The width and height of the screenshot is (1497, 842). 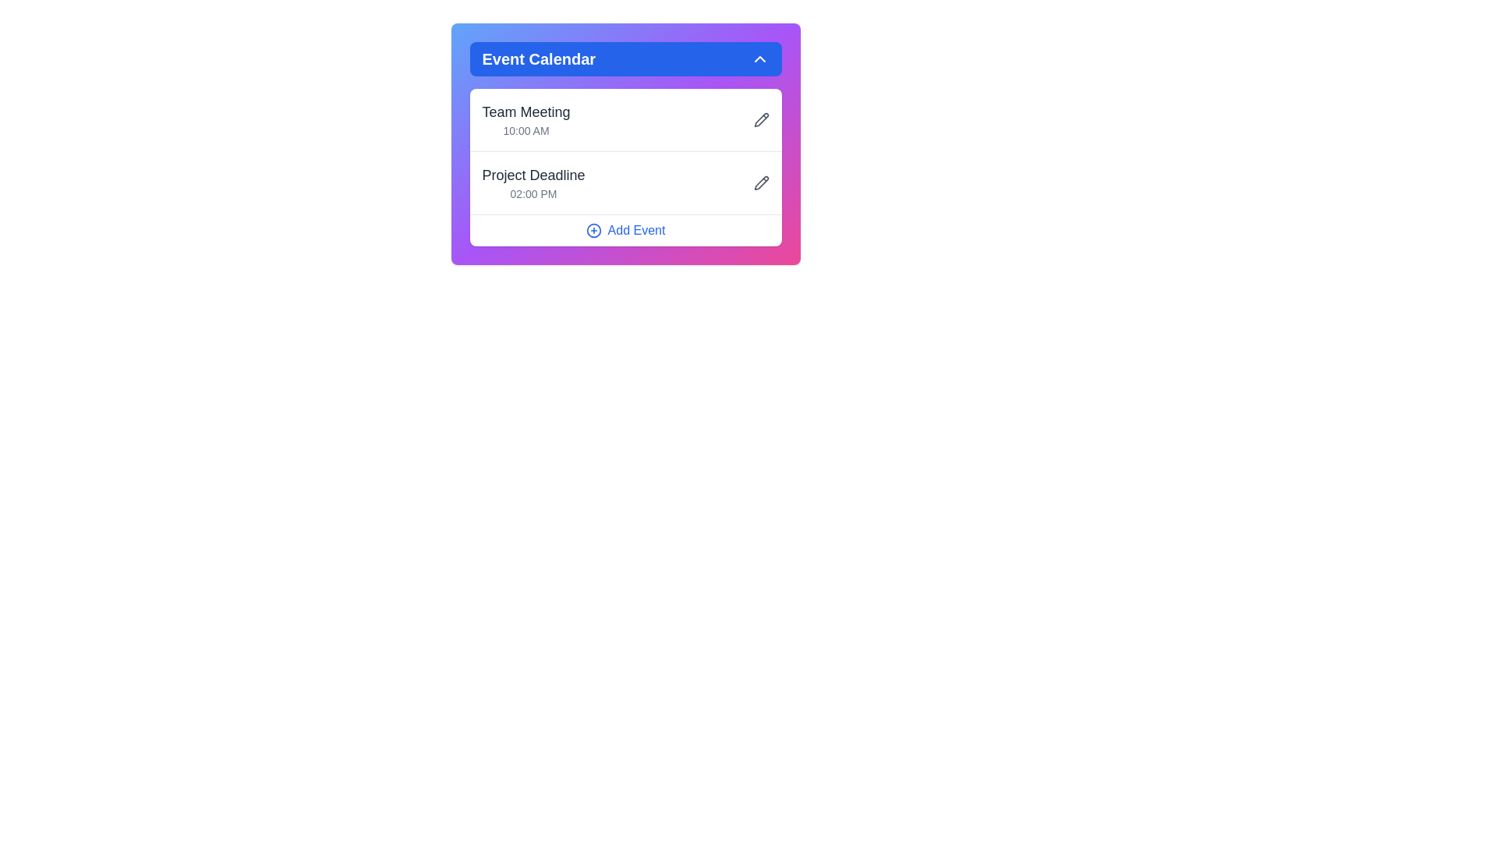 What do you see at coordinates (625, 230) in the screenshot?
I see `the 'Add Event' button to add a new event` at bounding box center [625, 230].